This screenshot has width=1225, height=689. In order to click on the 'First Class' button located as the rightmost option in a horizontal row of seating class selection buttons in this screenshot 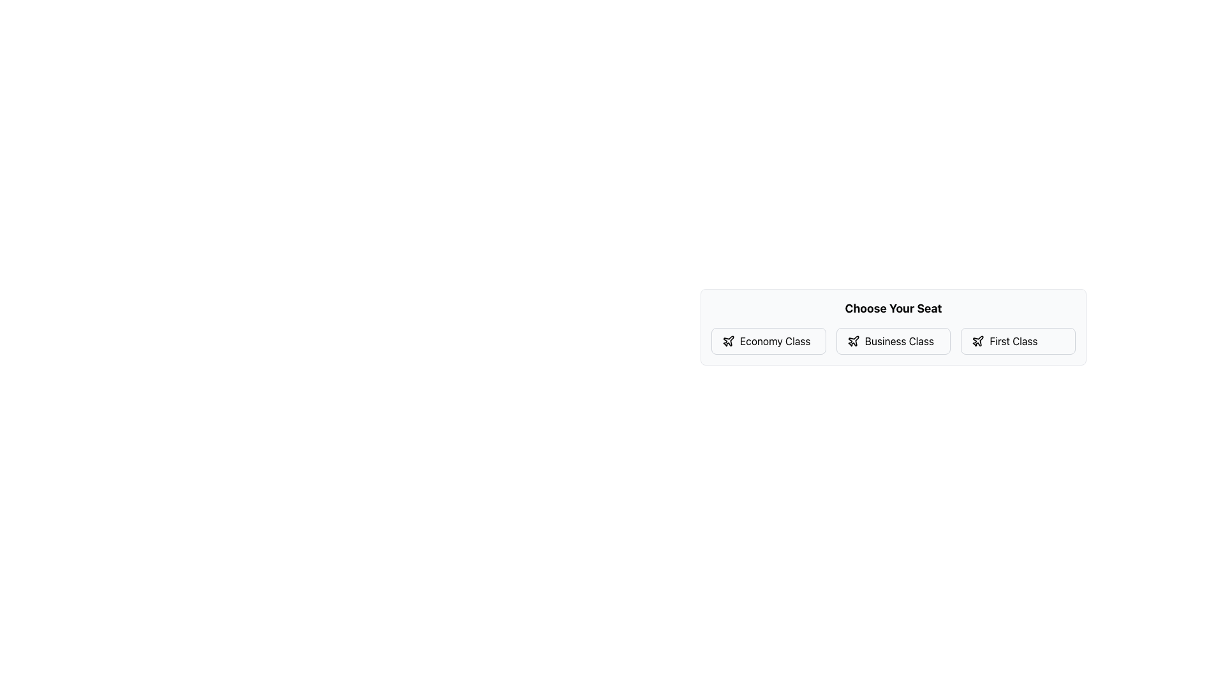, I will do `click(1018, 341)`.